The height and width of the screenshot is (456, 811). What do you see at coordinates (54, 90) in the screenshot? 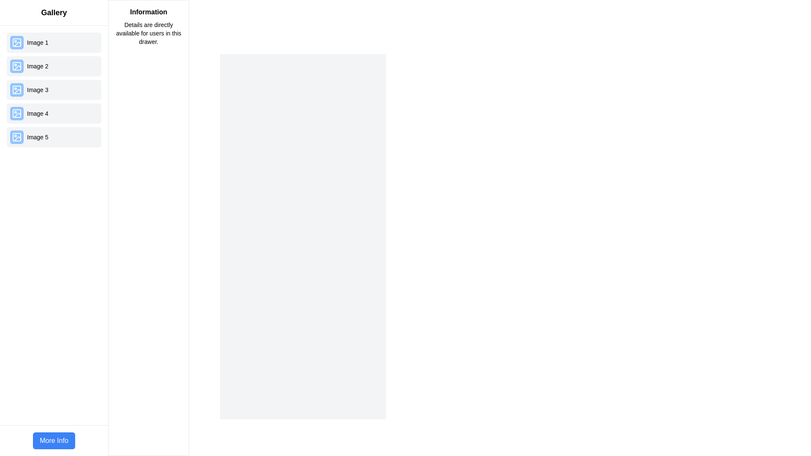
I see `the selectable list item labeled 'Image 3'` at bounding box center [54, 90].